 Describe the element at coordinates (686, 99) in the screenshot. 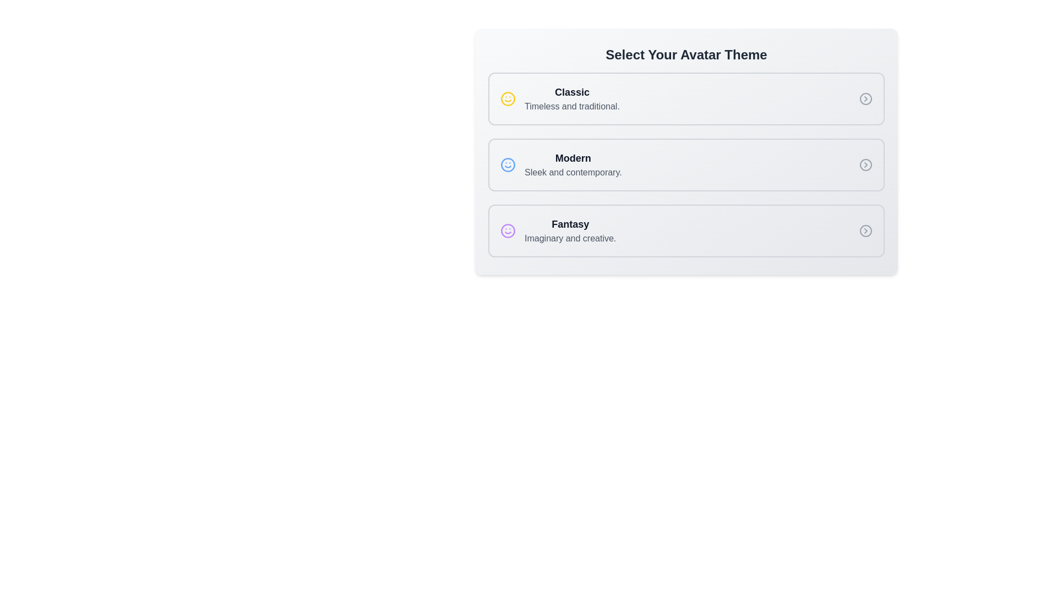

I see `the first interactive card titled 'Classic' in the 'Select Your Avatar Theme' section` at that location.